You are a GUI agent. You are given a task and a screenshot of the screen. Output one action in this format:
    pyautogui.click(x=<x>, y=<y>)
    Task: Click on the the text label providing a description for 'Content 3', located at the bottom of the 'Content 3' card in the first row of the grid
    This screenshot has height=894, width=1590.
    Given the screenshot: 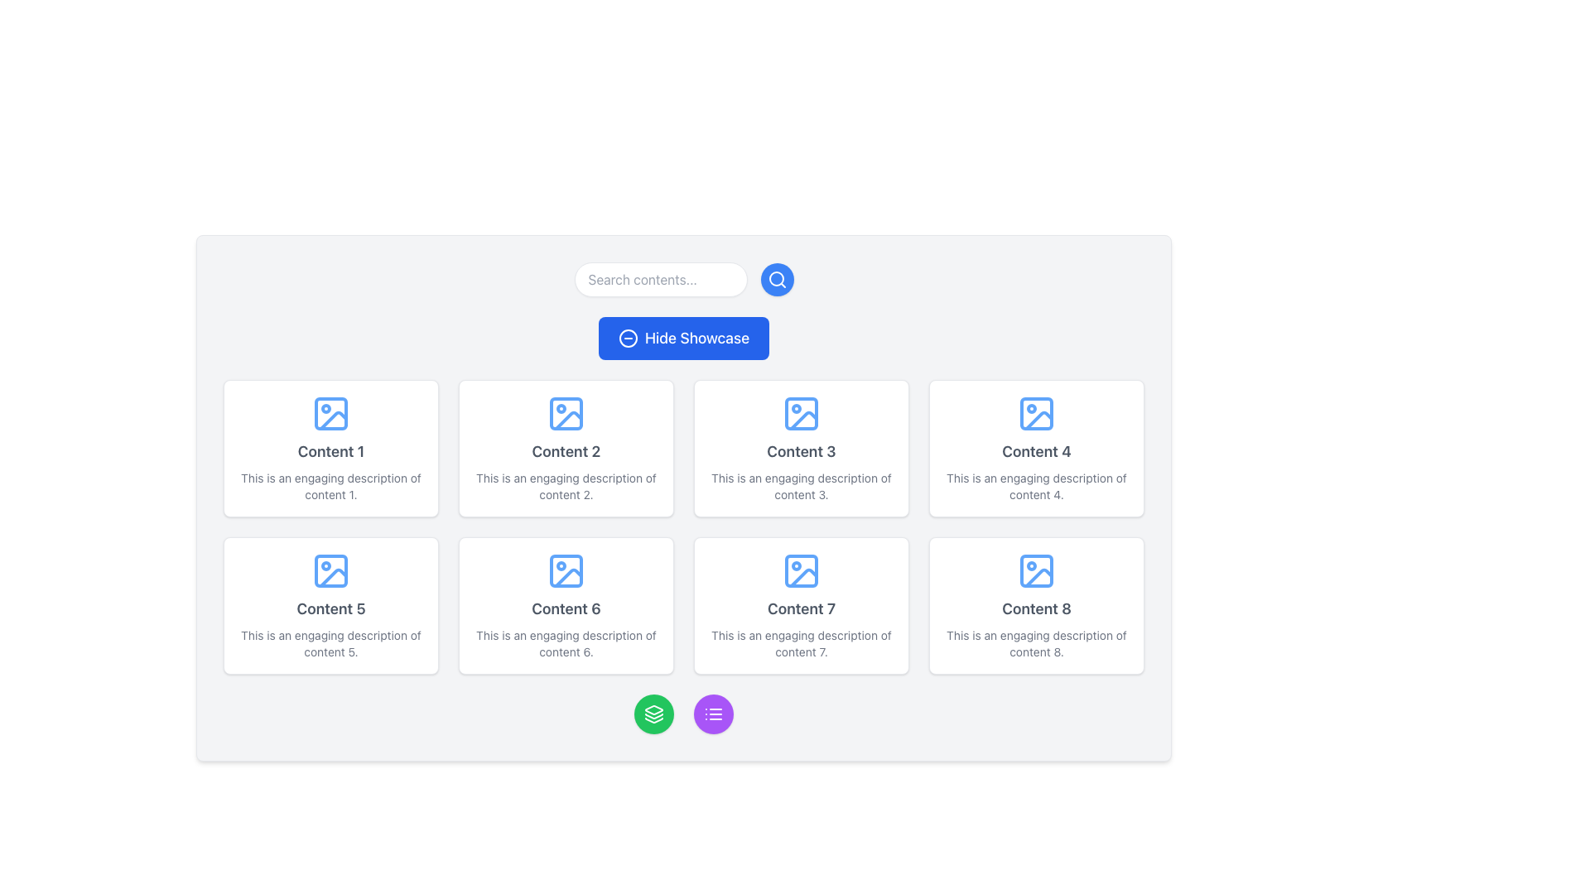 What is the action you would take?
    pyautogui.click(x=802, y=485)
    